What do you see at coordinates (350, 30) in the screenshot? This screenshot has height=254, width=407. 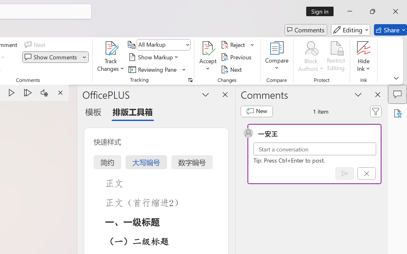 I see `'Editing'` at bounding box center [350, 30].